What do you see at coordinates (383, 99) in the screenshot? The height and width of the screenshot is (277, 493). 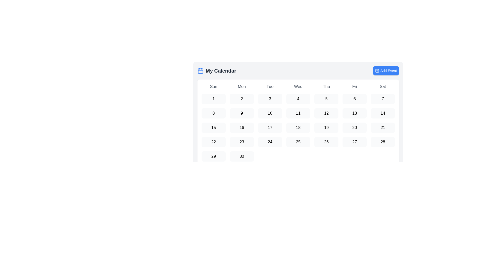 I see `the interactive button representing the seventh day in the calendar's monthly view` at bounding box center [383, 99].